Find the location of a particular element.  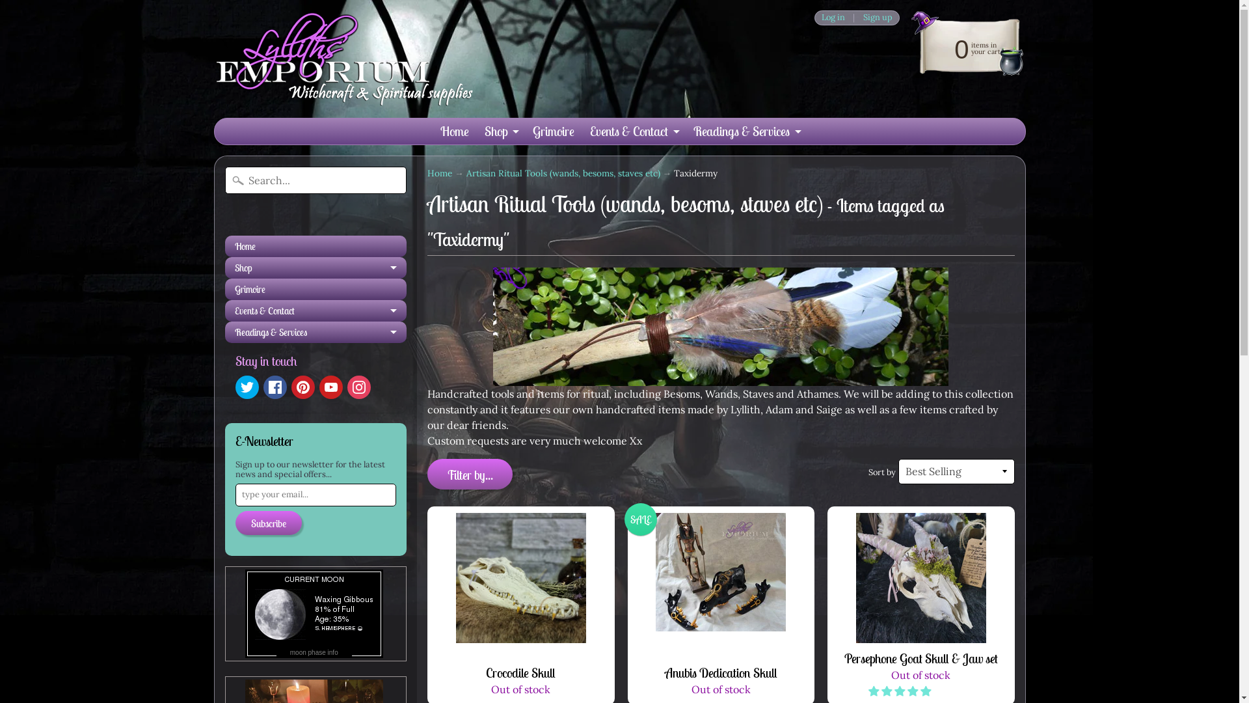

'moon phase info' is located at coordinates (314, 650).